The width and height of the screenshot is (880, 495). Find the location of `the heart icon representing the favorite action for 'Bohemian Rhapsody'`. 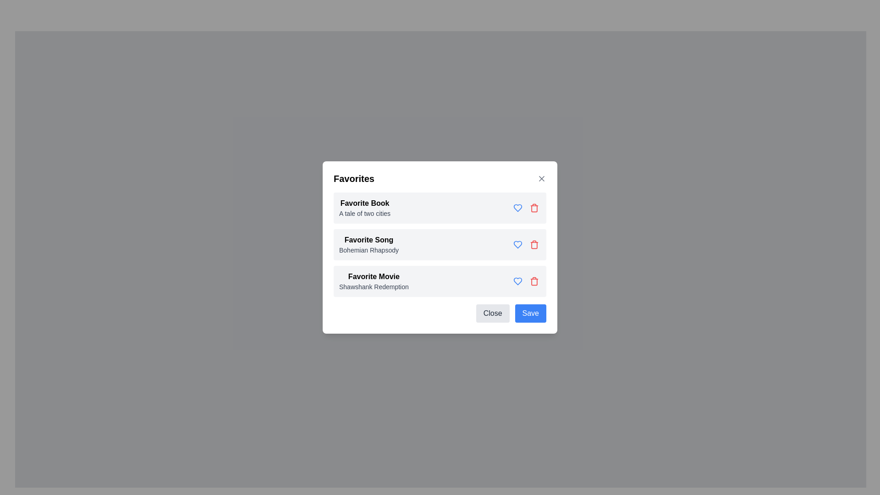

the heart icon representing the favorite action for 'Bohemian Rhapsody' is located at coordinates (517, 208).